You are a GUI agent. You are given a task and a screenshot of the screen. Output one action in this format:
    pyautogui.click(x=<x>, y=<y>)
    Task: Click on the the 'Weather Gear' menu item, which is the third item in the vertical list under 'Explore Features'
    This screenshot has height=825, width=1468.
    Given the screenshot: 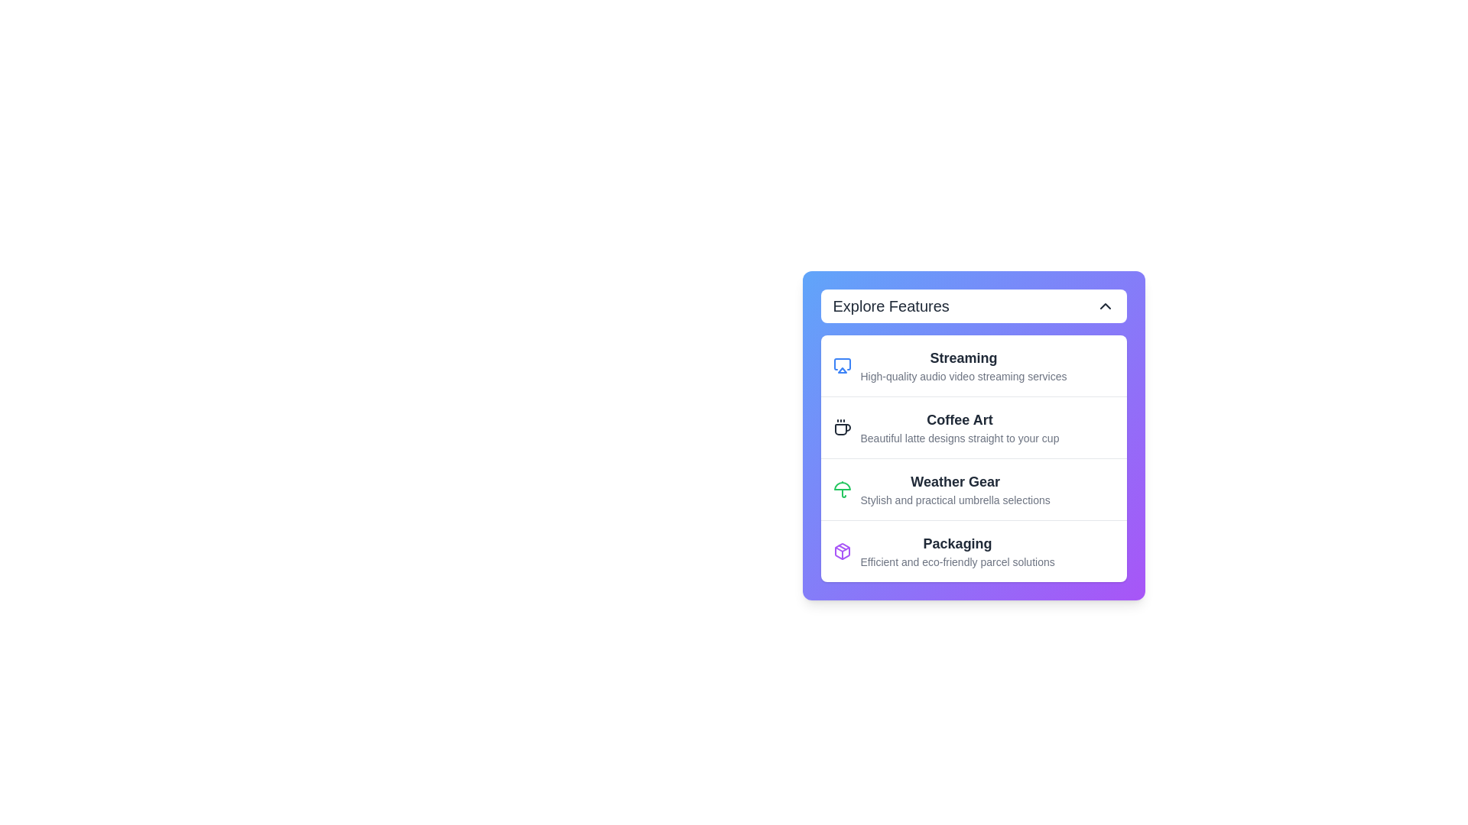 What is the action you would take?
    pyautogui.click(x=954, y=489)
    